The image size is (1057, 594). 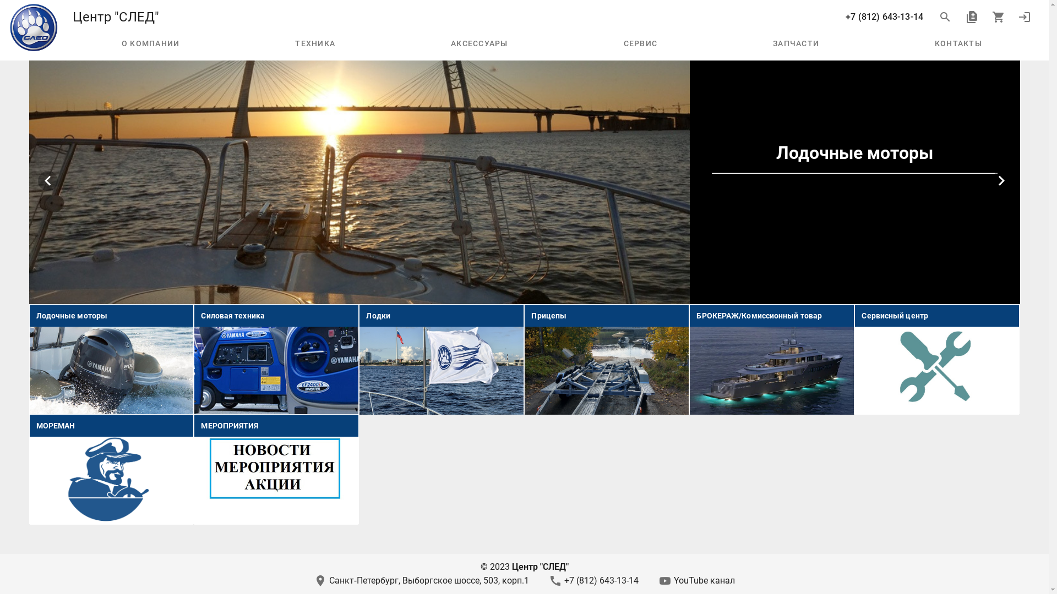 What do you see at coordinates (972, 16) in the screenshot?
I see `'difference'` at bounding box center [972, 16].